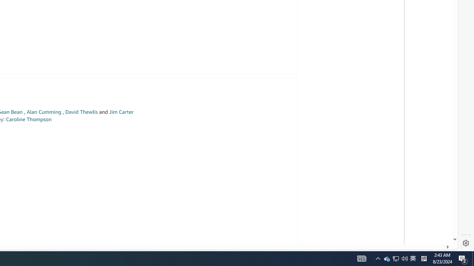  Describe the element at coordinates (29, 119) in the screenshot. I see `'Caroline Thompson'` at that location.